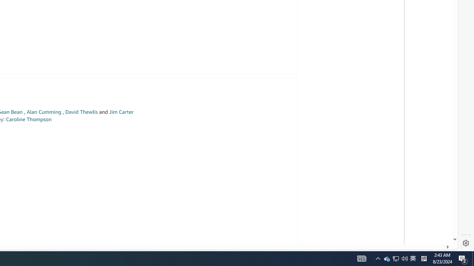  Describe the element at coordinates (29, 119) in the screenshot. I see `'Caroline Thompson'` at that location.